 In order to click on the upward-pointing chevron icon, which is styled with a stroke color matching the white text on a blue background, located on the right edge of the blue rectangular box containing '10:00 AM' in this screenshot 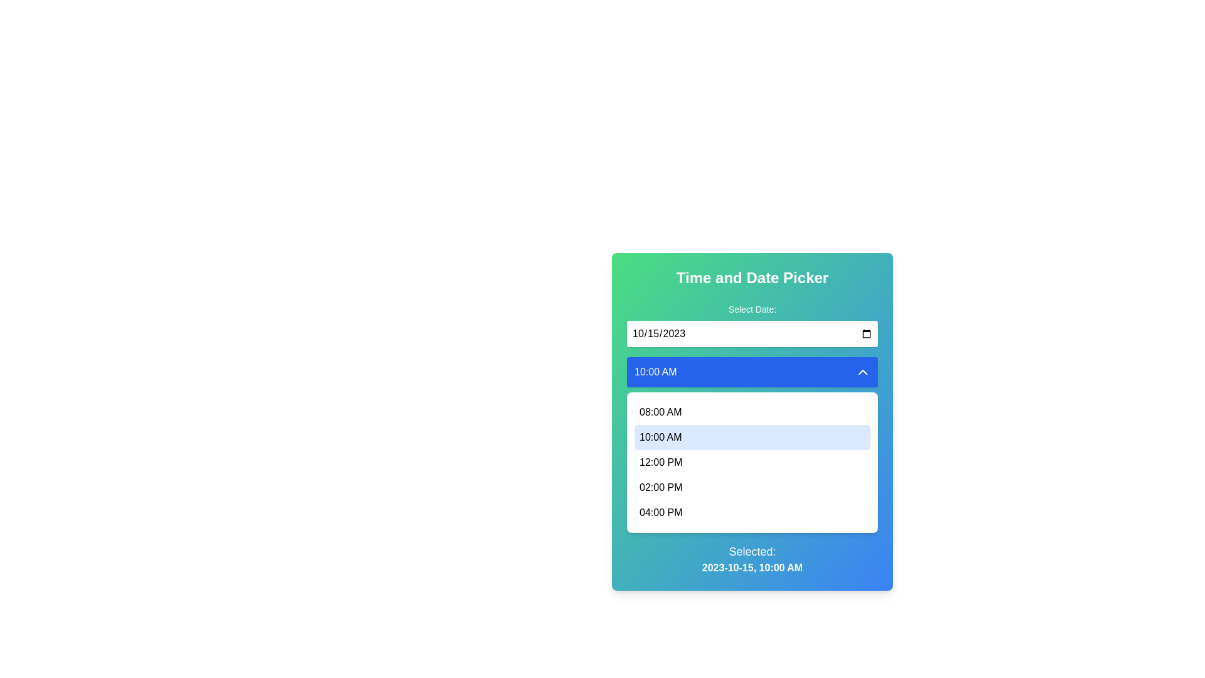, I will do `click(862, 372)`.